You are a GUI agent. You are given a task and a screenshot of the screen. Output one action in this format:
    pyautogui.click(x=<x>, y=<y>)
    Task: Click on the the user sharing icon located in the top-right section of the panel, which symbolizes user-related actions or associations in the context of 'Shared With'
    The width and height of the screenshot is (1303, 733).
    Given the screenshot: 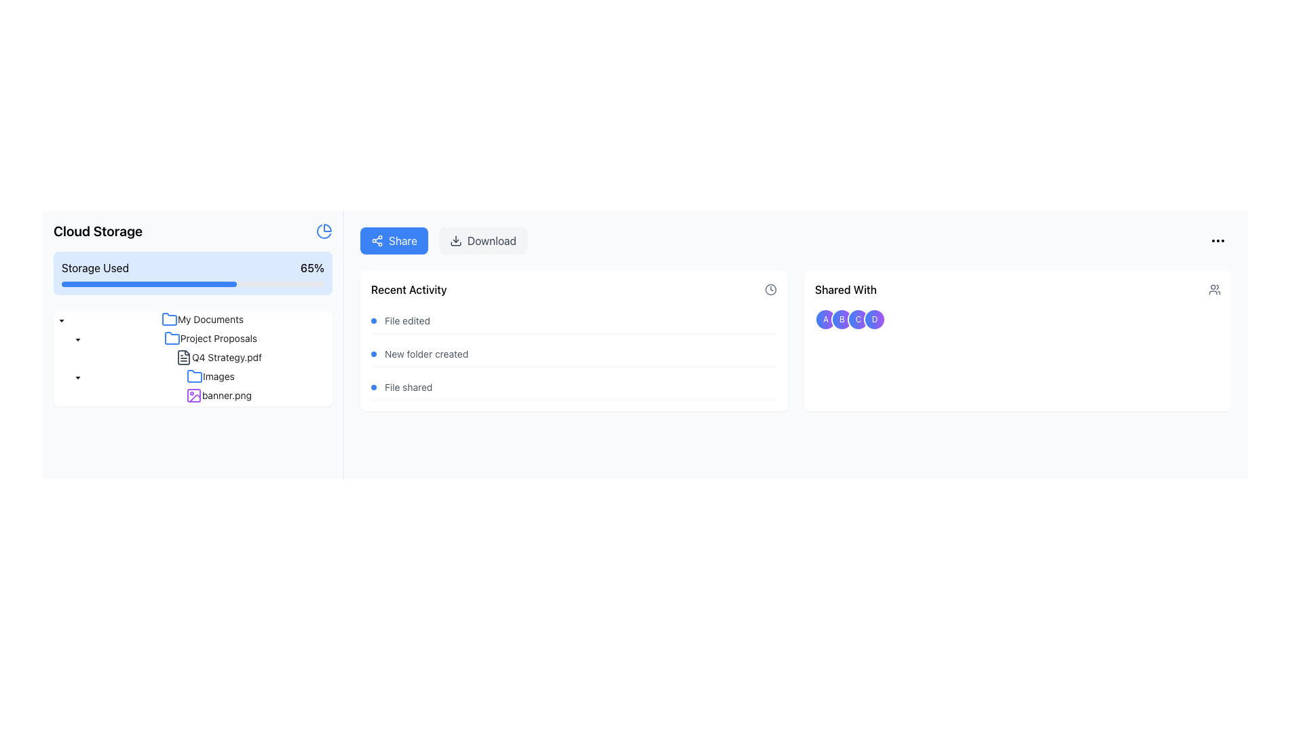 What is the action you would take?
    pyautogui.click(x=1215, y=289)
    